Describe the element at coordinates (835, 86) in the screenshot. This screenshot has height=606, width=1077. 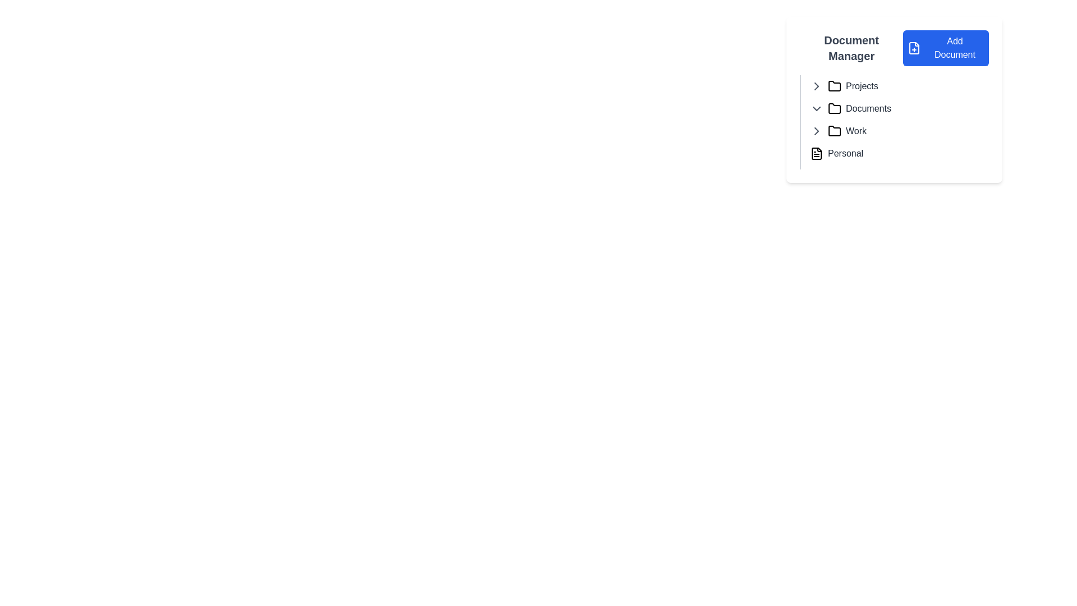
I see `the folder icon` at that location.